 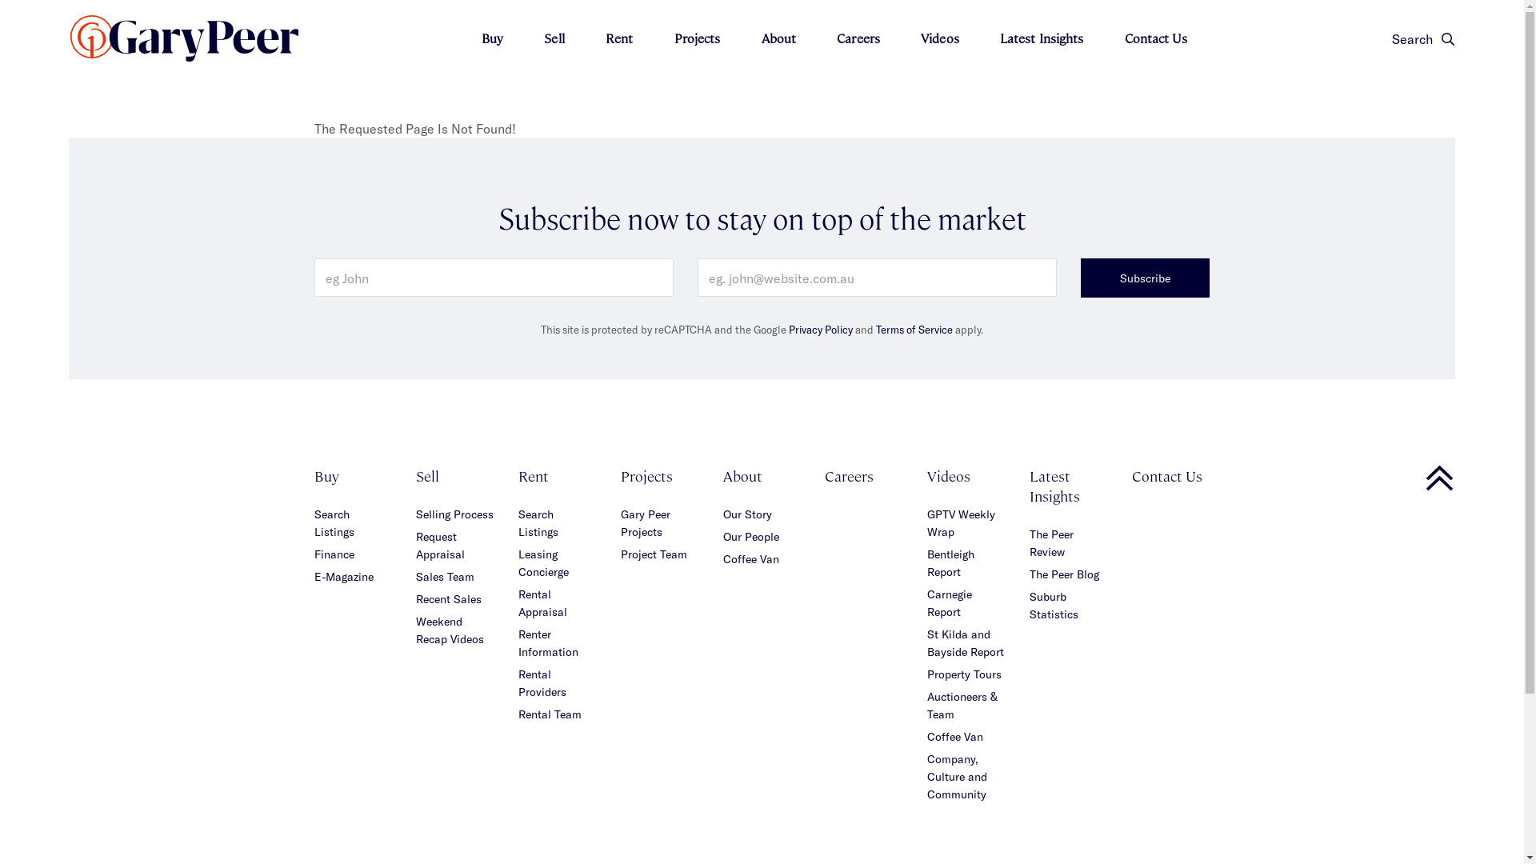 I want to click on 'Suburb Statistics', so click(x=1054, y=605).